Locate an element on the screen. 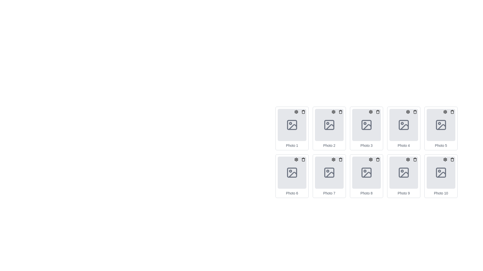 Image resolution: width=483 pixels, height=271 pixels. the rectangular component located within the photo frame icon, which is the ninth item in the UI grid layout is located at coordinates (404, 172).